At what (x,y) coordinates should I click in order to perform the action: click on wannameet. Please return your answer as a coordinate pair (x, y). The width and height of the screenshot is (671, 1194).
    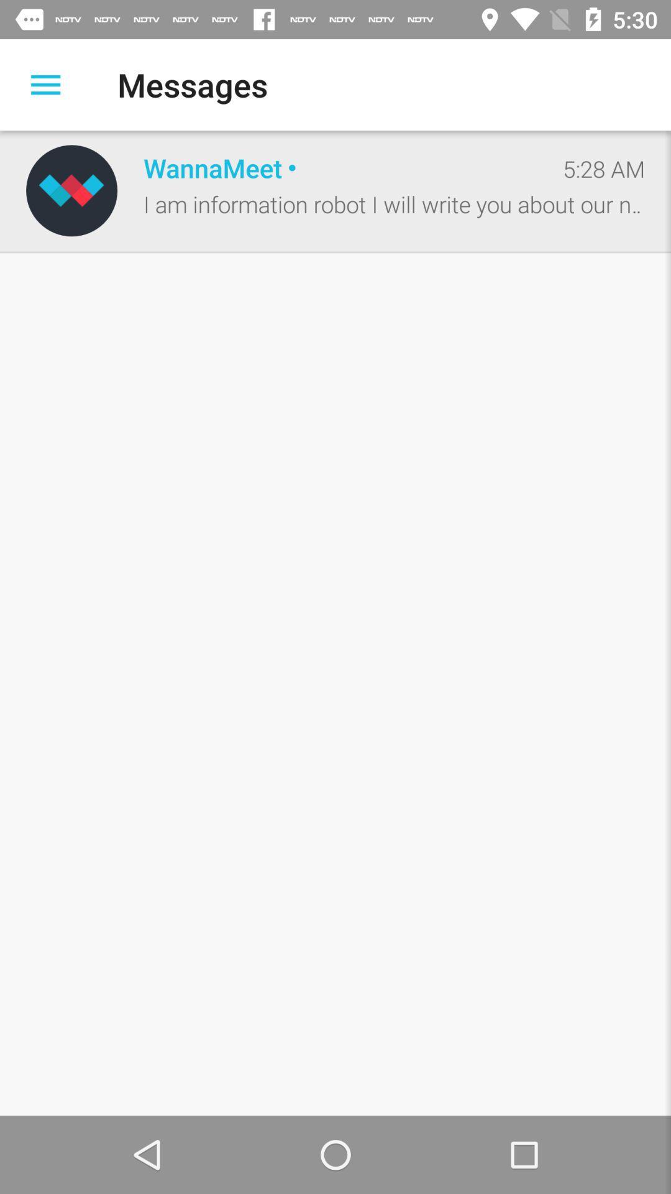
    Looking at the image, I should click on (340, 167).